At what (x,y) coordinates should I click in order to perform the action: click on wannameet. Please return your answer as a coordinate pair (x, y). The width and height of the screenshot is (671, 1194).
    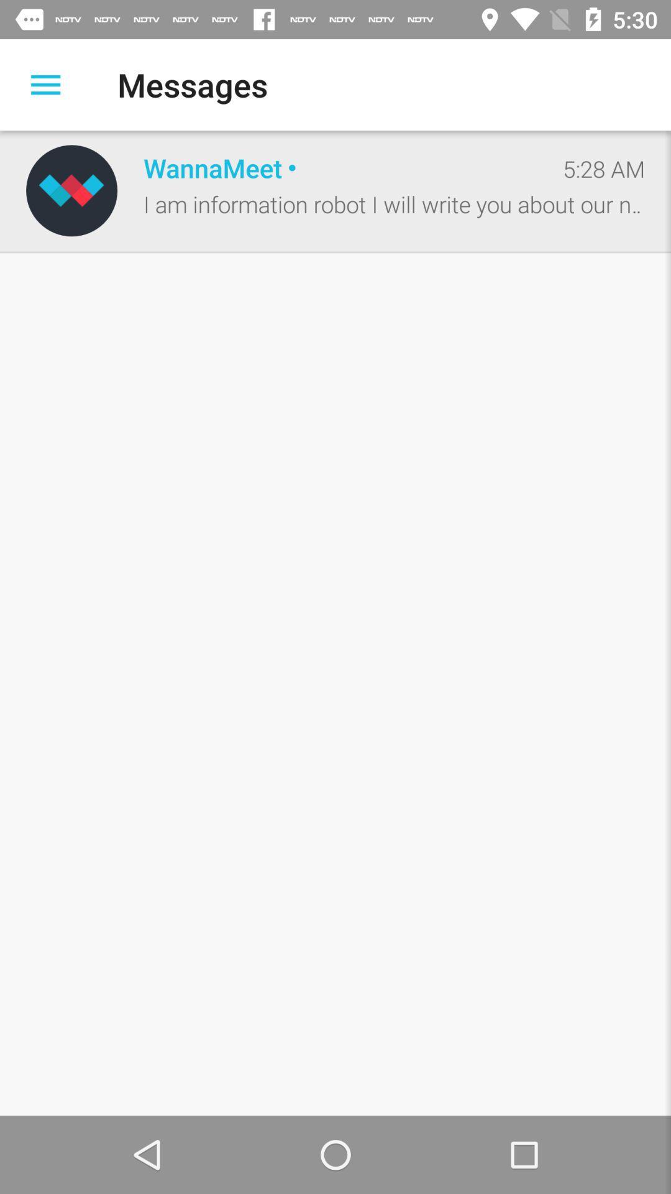
    Looking at the image, I should click on (340, 167).